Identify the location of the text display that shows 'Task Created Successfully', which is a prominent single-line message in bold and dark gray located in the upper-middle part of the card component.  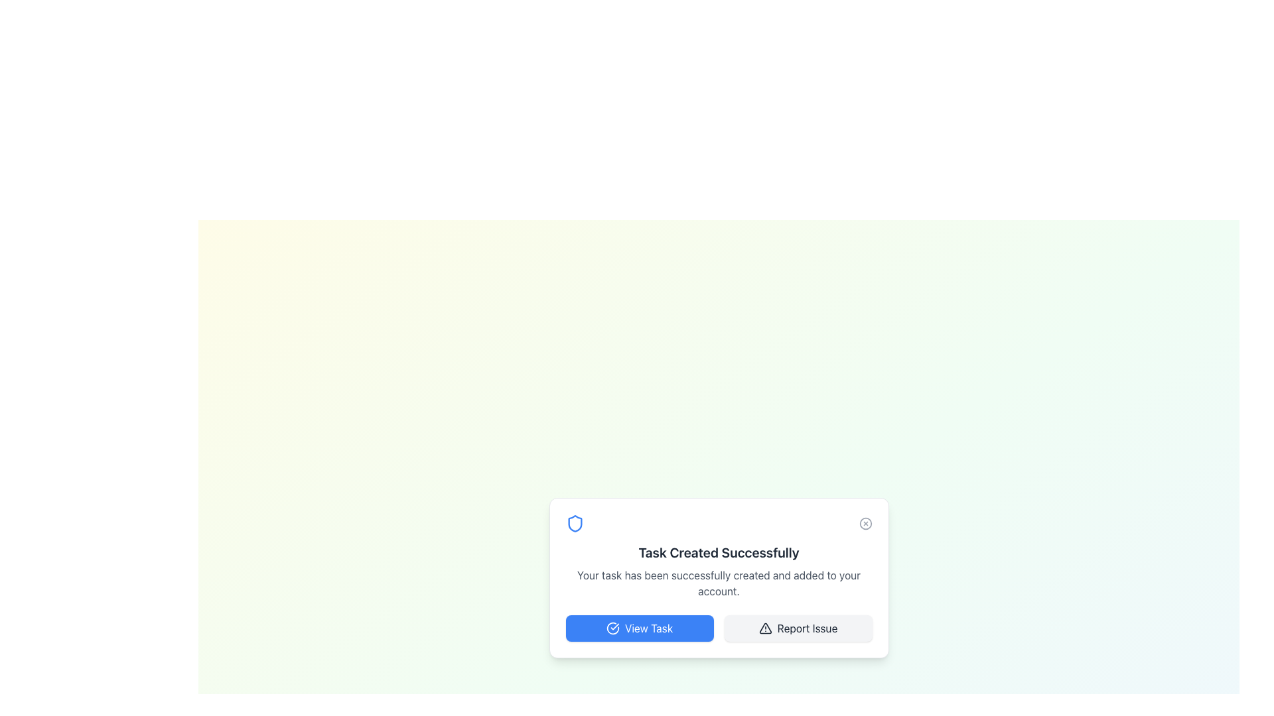
(718, 552).